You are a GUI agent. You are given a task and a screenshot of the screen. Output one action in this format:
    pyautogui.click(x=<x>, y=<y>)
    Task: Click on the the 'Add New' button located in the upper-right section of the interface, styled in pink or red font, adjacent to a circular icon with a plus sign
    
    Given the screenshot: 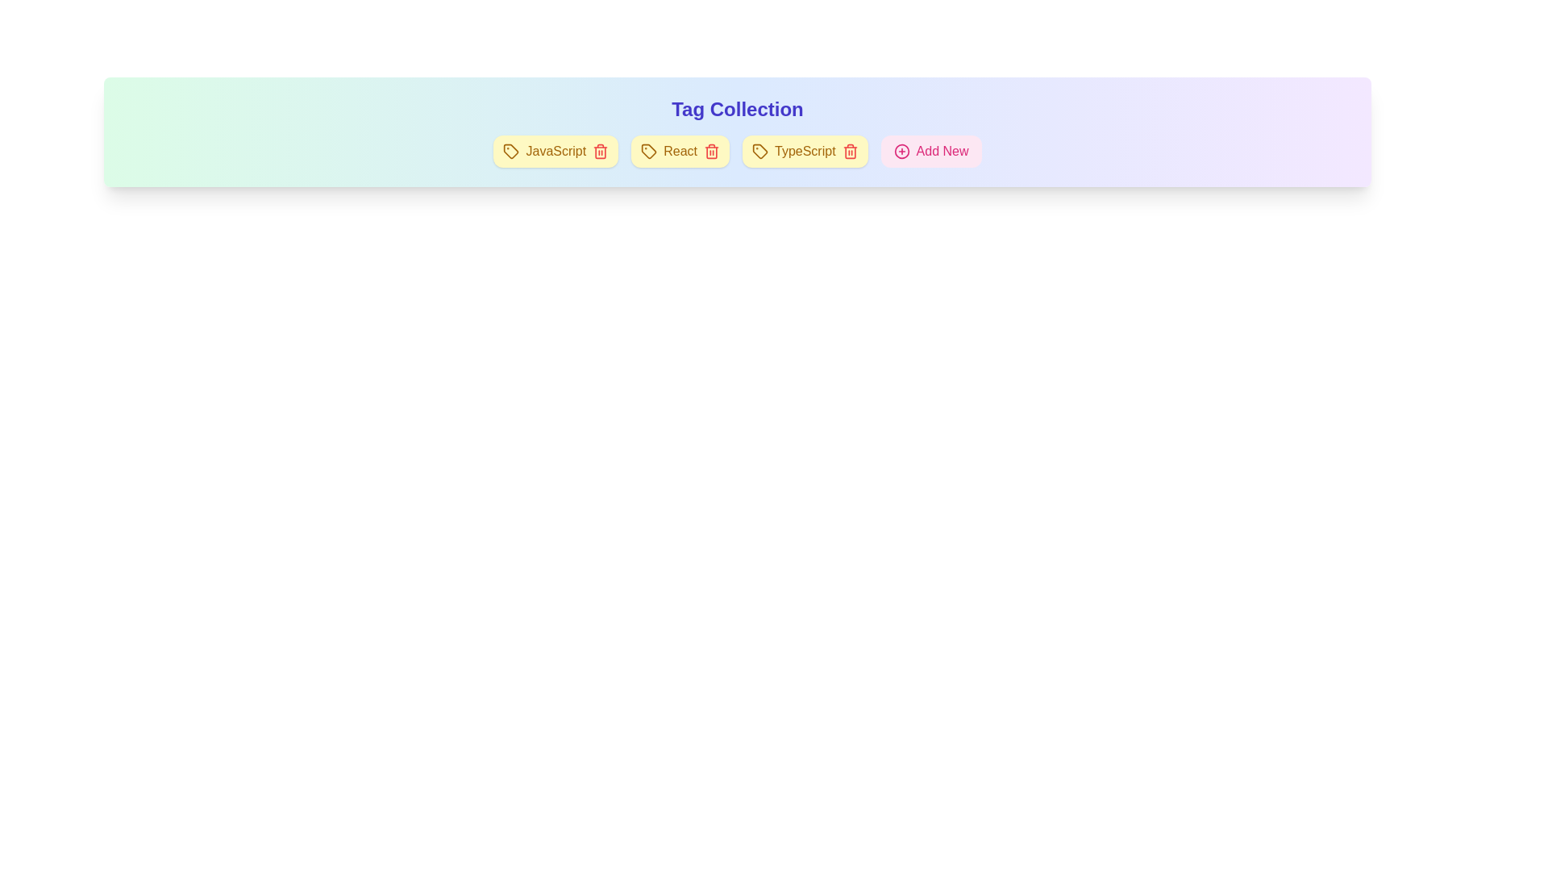 What is the action you would take?
    pyautogui.click(x=943, y=152)
    